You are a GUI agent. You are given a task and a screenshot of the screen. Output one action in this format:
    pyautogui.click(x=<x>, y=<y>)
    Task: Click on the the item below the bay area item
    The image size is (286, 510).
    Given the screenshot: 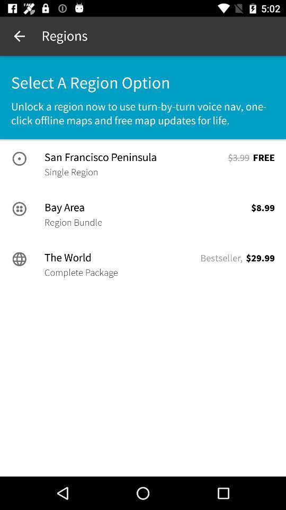 What is the action you would take?
    pyautogui.click(x=73, y=222)
    